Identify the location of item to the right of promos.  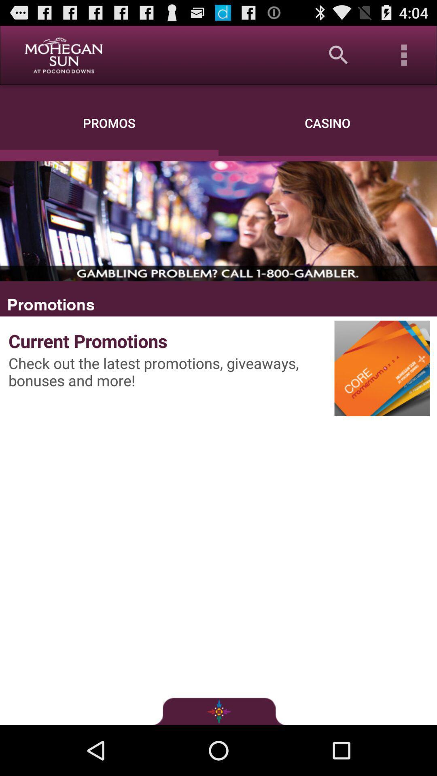
(339, 55).